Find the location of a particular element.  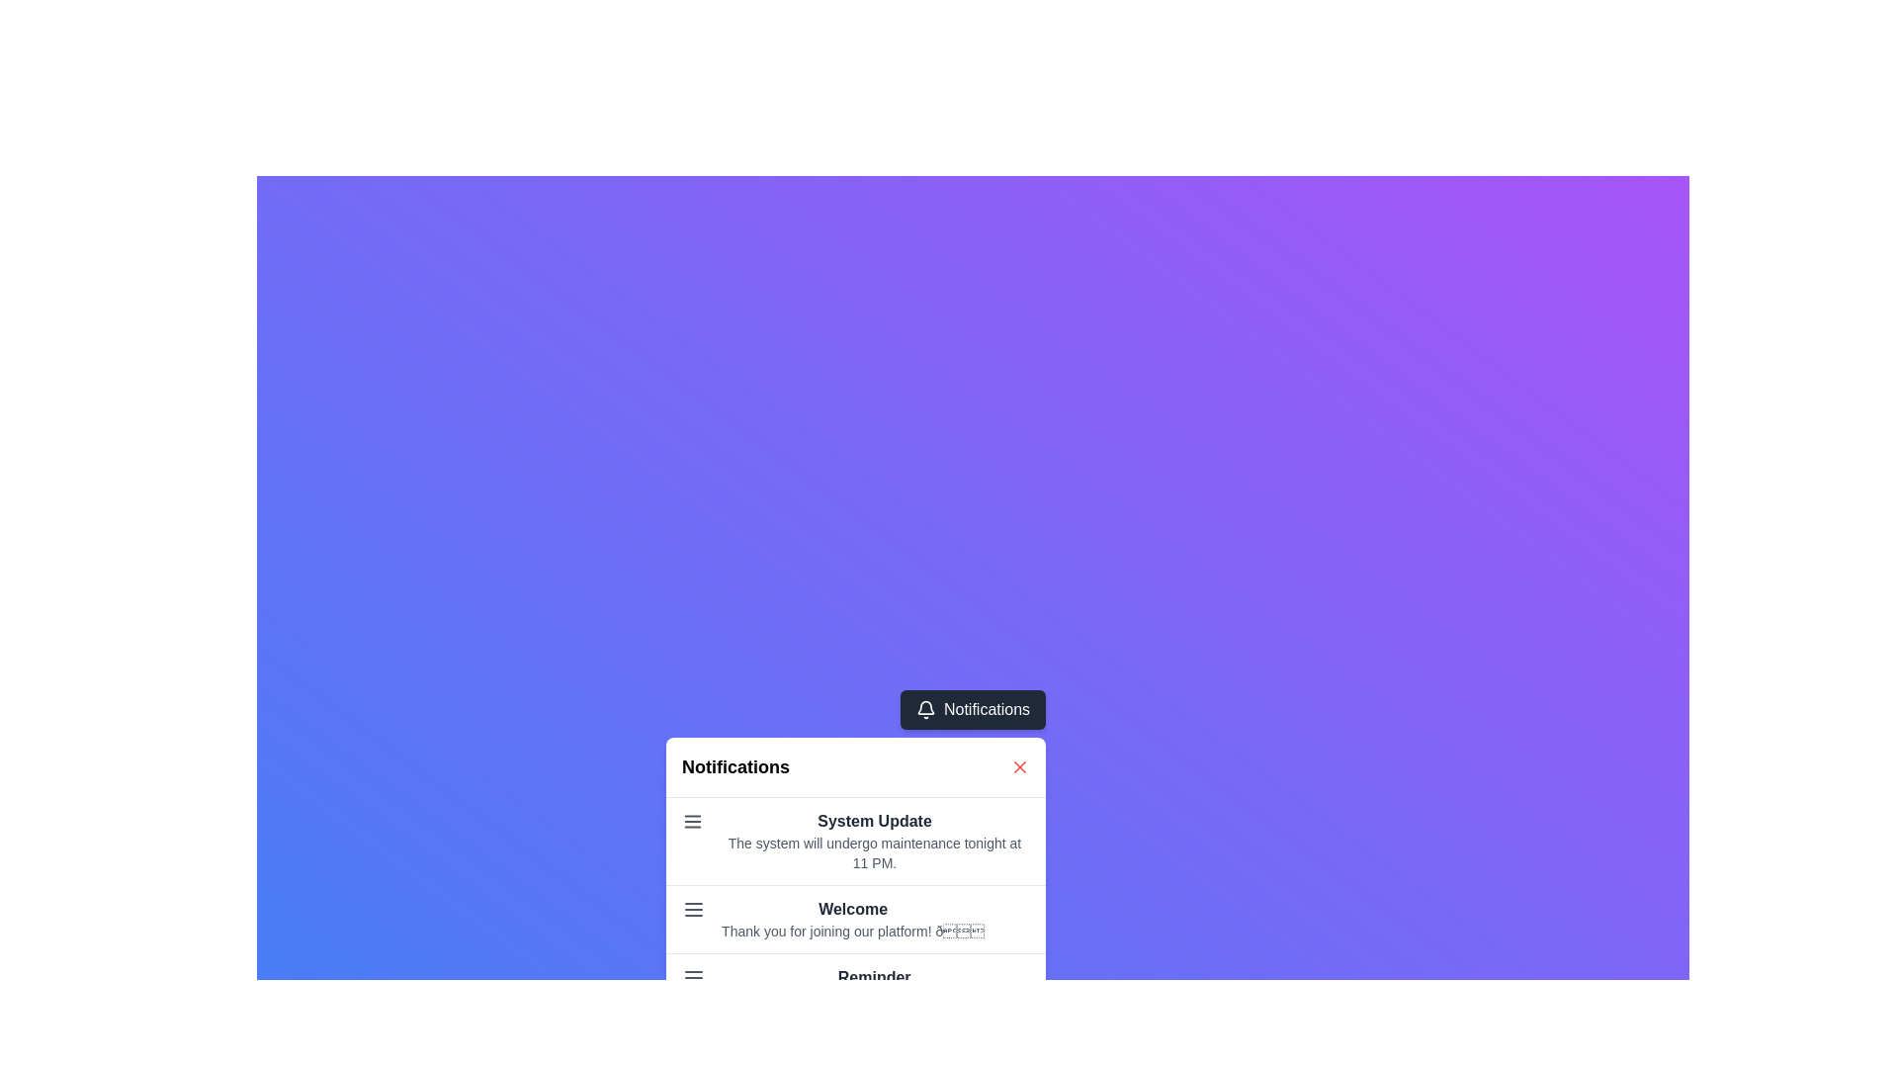

the red 'X' close button located in the top-right corner of the notifications panel header is located at coordinates (1020, 765).